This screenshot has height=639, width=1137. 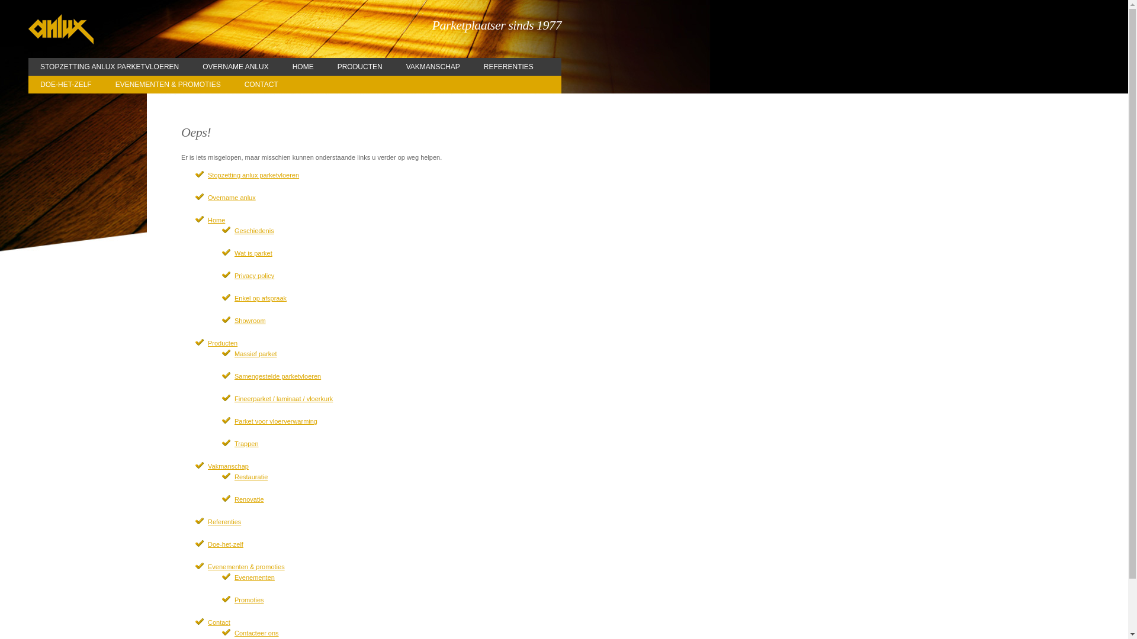 What do you see at coordinates (228, 465) in the screenshot?
I see `'Vakmanschap'` at bounding box center [228, 465].